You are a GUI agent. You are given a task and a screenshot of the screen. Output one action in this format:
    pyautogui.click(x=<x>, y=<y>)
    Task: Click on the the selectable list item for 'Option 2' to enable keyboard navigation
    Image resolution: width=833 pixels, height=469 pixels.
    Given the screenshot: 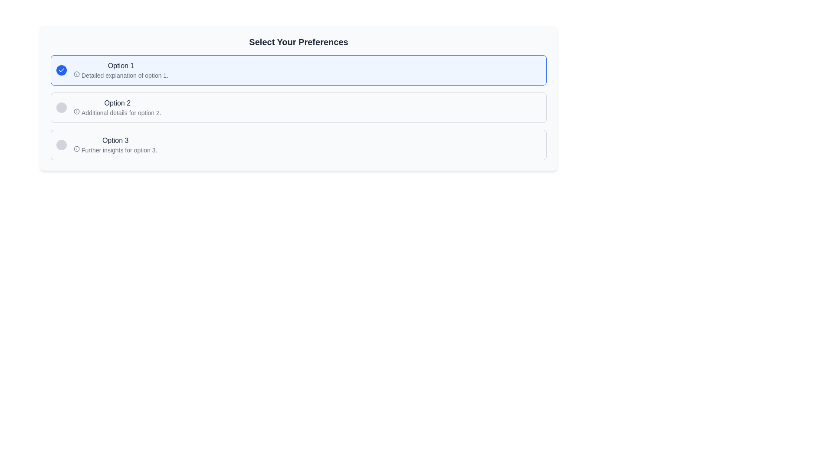 What is the action you would take?
    pyautogui.click(x=117, y=107)
    